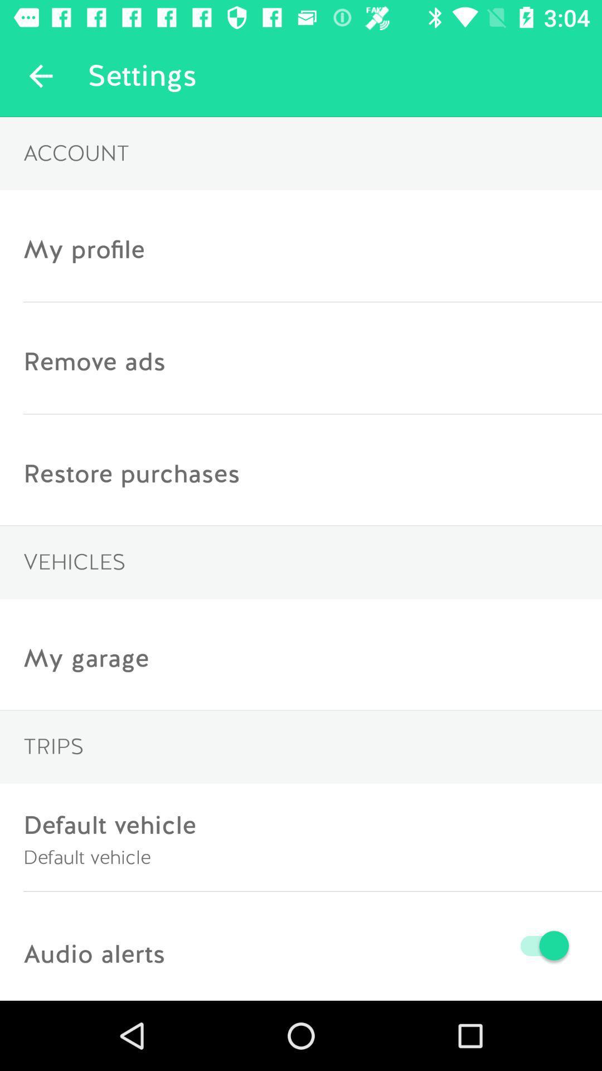 This screenshot has height=1071, width=602. Describe the element at coordinates (40, 75) in the screenshot. I see `app next to the settings icon` at that location.